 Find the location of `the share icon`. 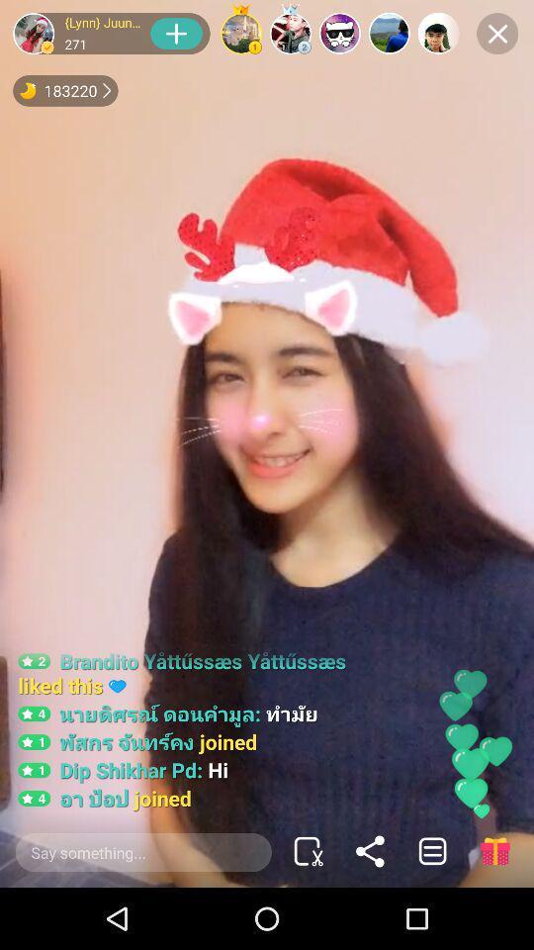

the share icon is located at coordinates (370, 850).